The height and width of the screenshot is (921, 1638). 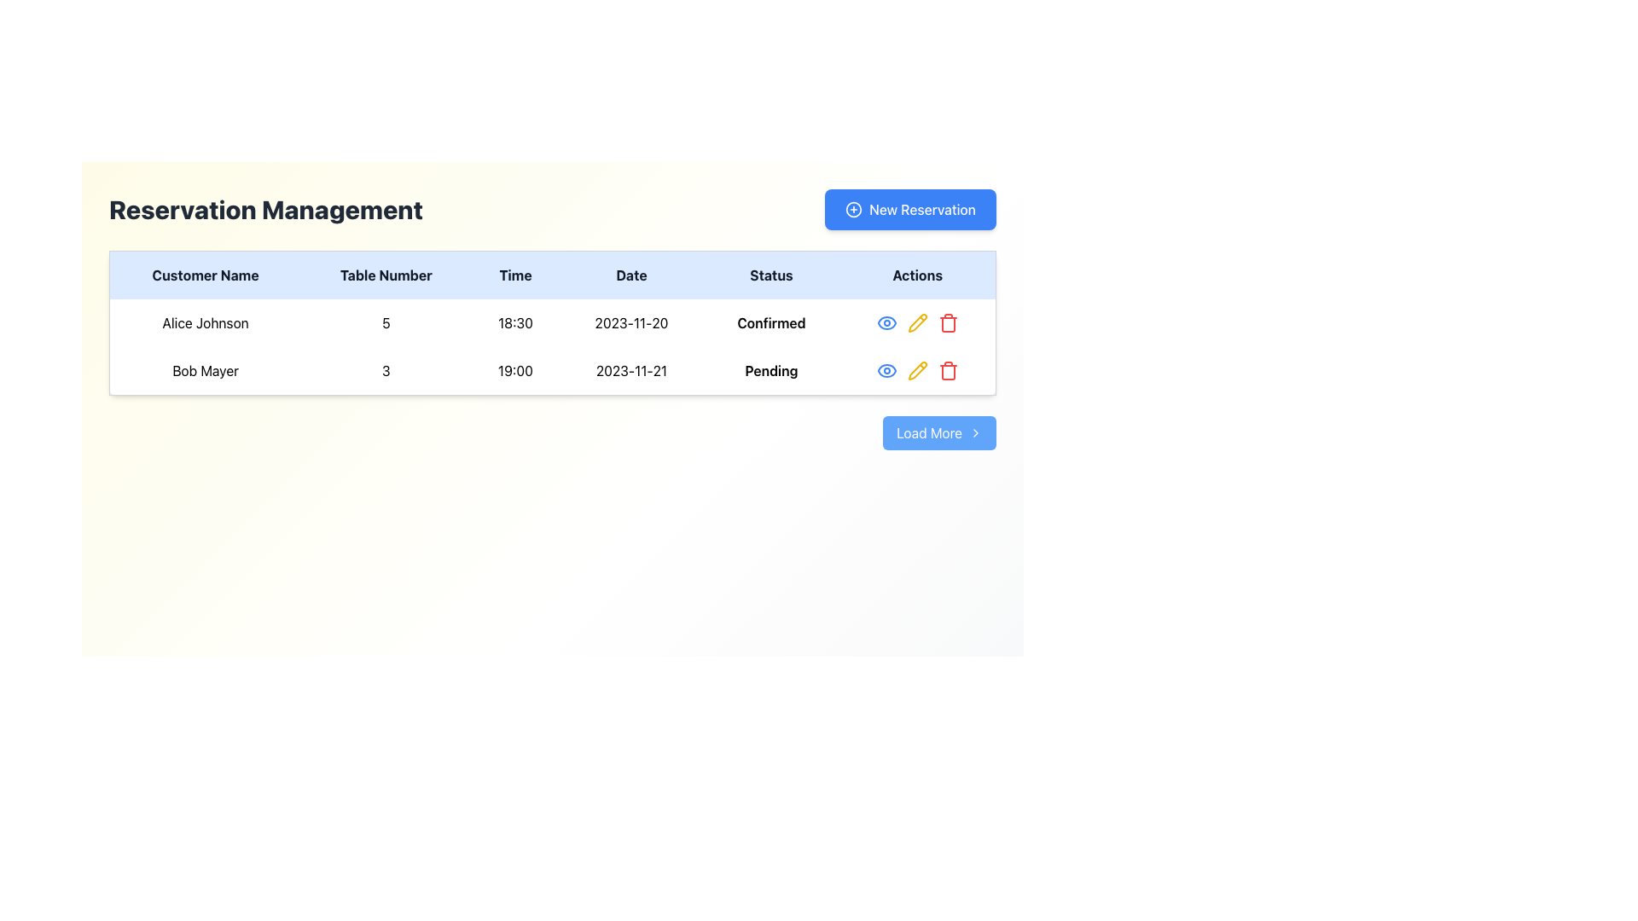 What do you see at coordinates (770, 274) in the screenshot?
I see `the 'Status' text label, which is the fifth column header in the table, located between 'Date' and 'Actions'` at bounding box center [770, 274].